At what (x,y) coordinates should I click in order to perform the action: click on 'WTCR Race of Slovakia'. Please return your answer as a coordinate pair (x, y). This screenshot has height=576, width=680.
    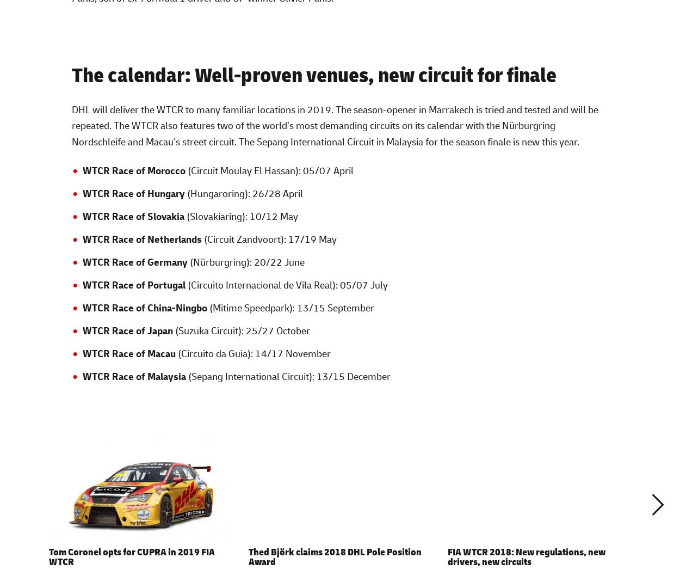
    Looking at the image, I should click on (132, 216).